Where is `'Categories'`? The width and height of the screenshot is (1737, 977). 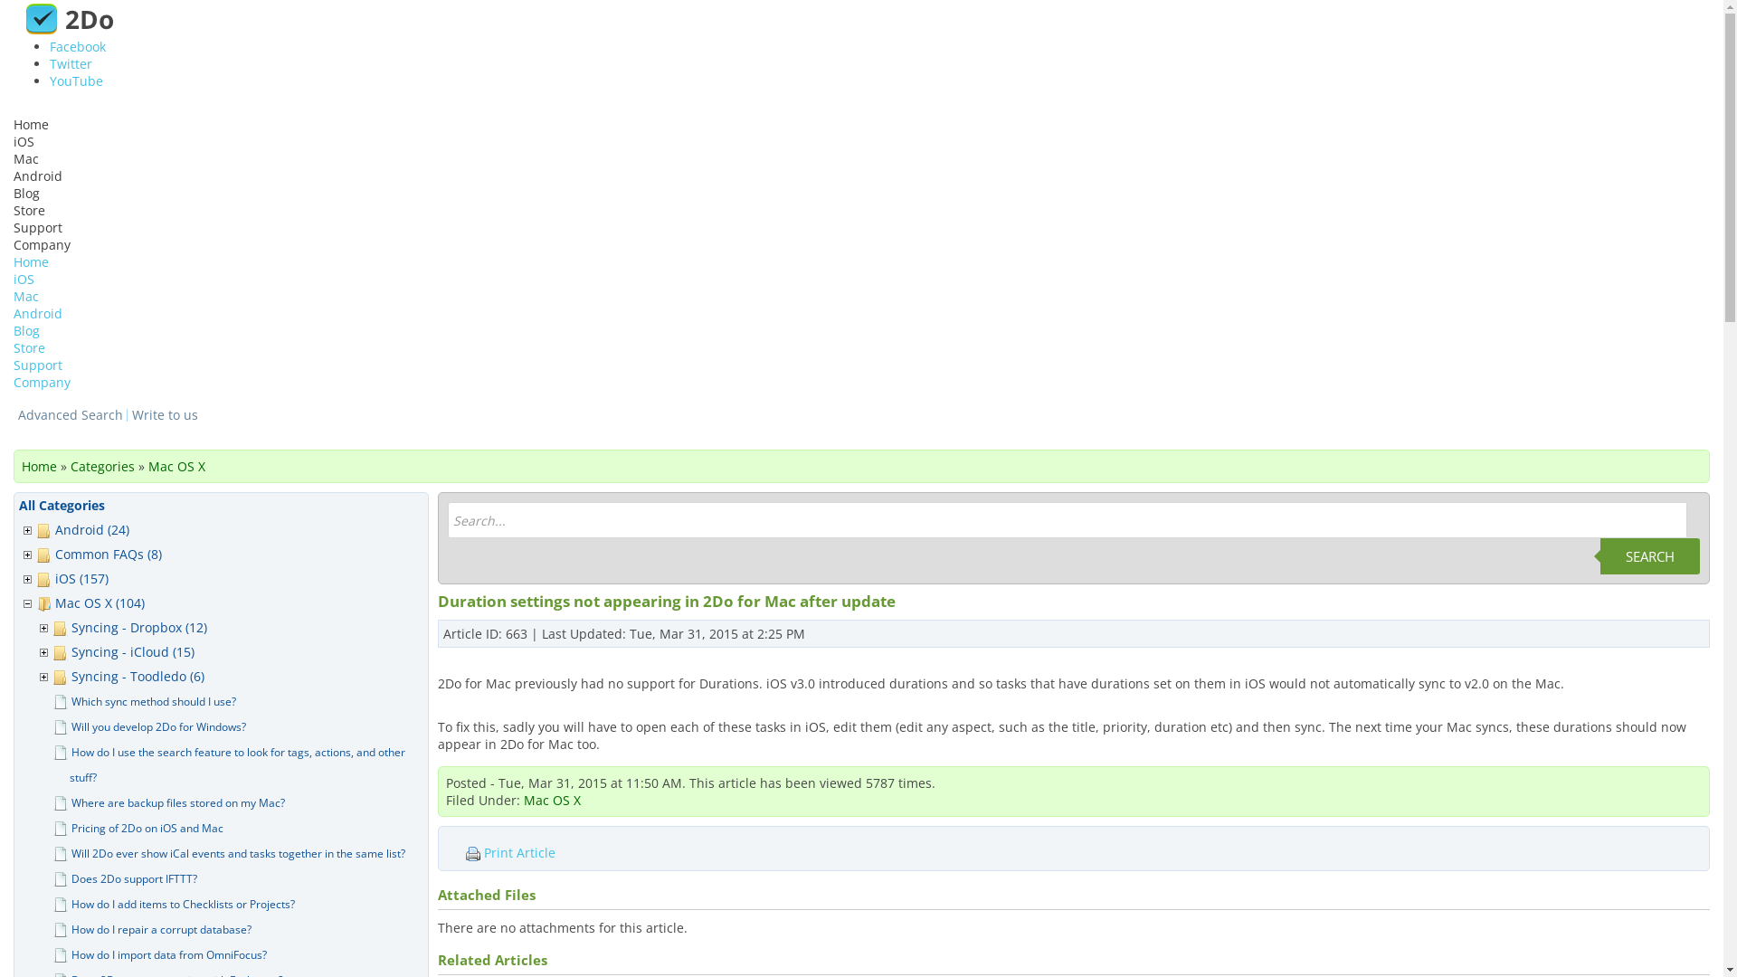
'Categories' is located at coordinates (101, 465).